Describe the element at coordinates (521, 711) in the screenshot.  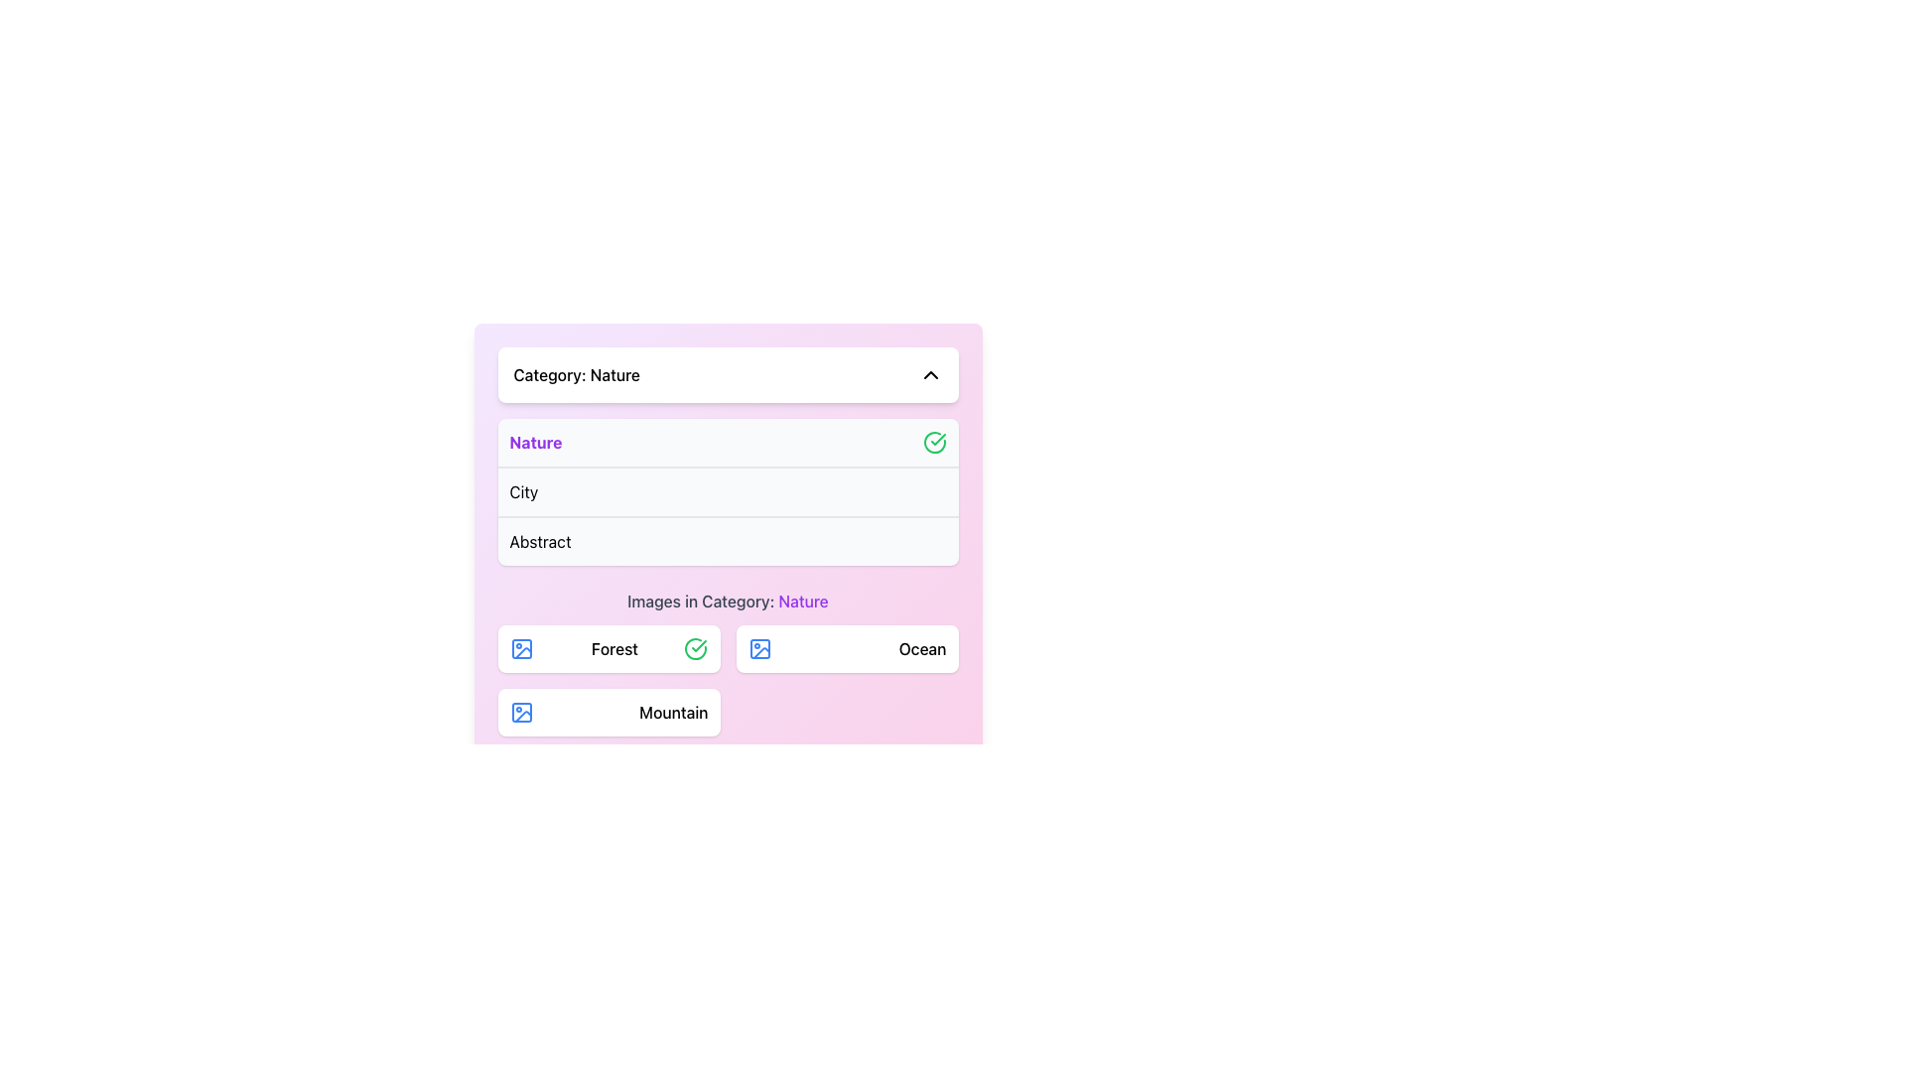
I see `the decorative graphical element which is a small blue rectangle with rounded corners, located at the center of the blue icon labeled 'Mountain' in the last row of category icons` at that location.